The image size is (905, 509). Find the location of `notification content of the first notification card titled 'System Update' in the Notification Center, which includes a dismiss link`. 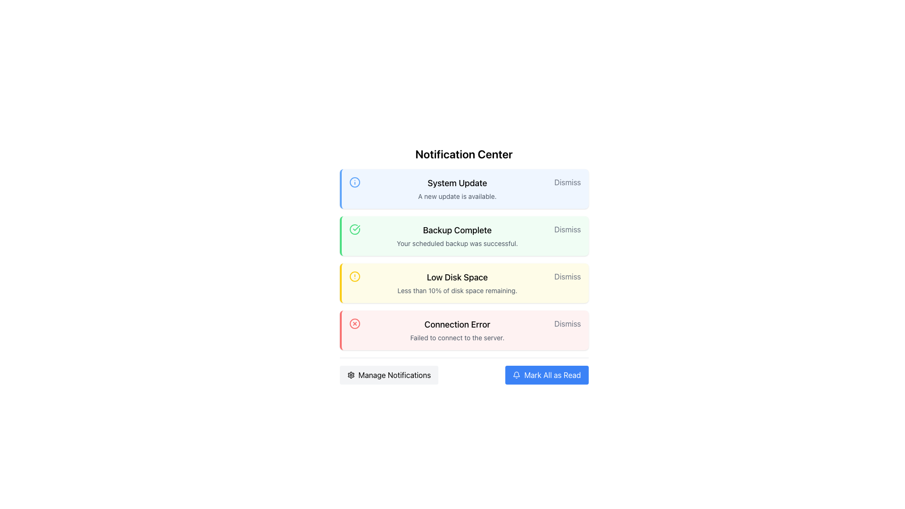

notification content of the first notification card titled 'System Update' in the Notification Center, which includes a dismiss link is located at coordinates (464, 189).